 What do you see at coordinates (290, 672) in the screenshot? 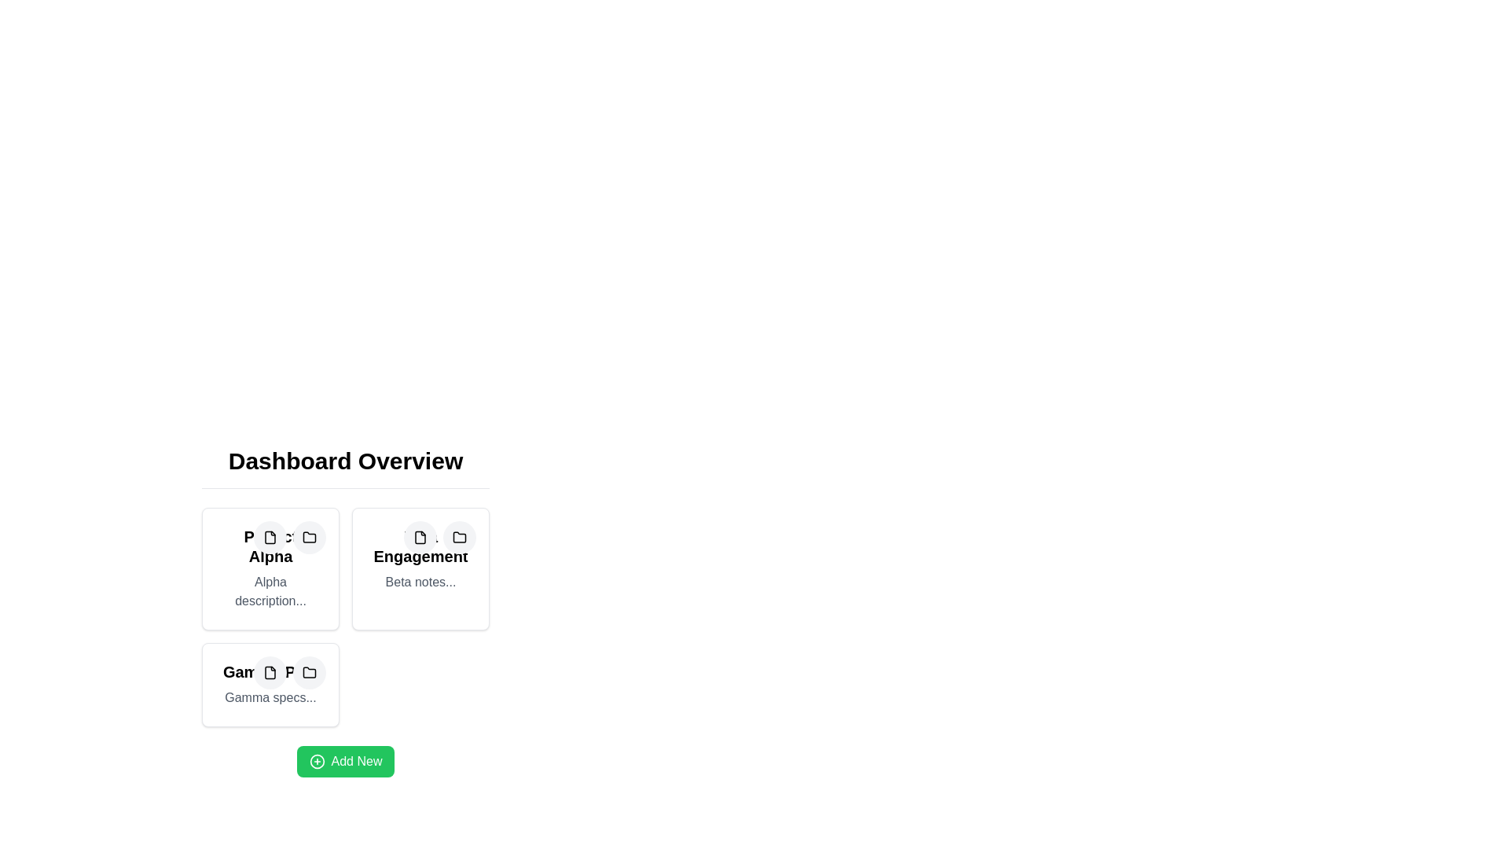
I see `the button group located in the top-right corner of the 'Gamma Plan' card, which contains icons for a document, a folder, and a central symbol` at bounding box center [290, 672].